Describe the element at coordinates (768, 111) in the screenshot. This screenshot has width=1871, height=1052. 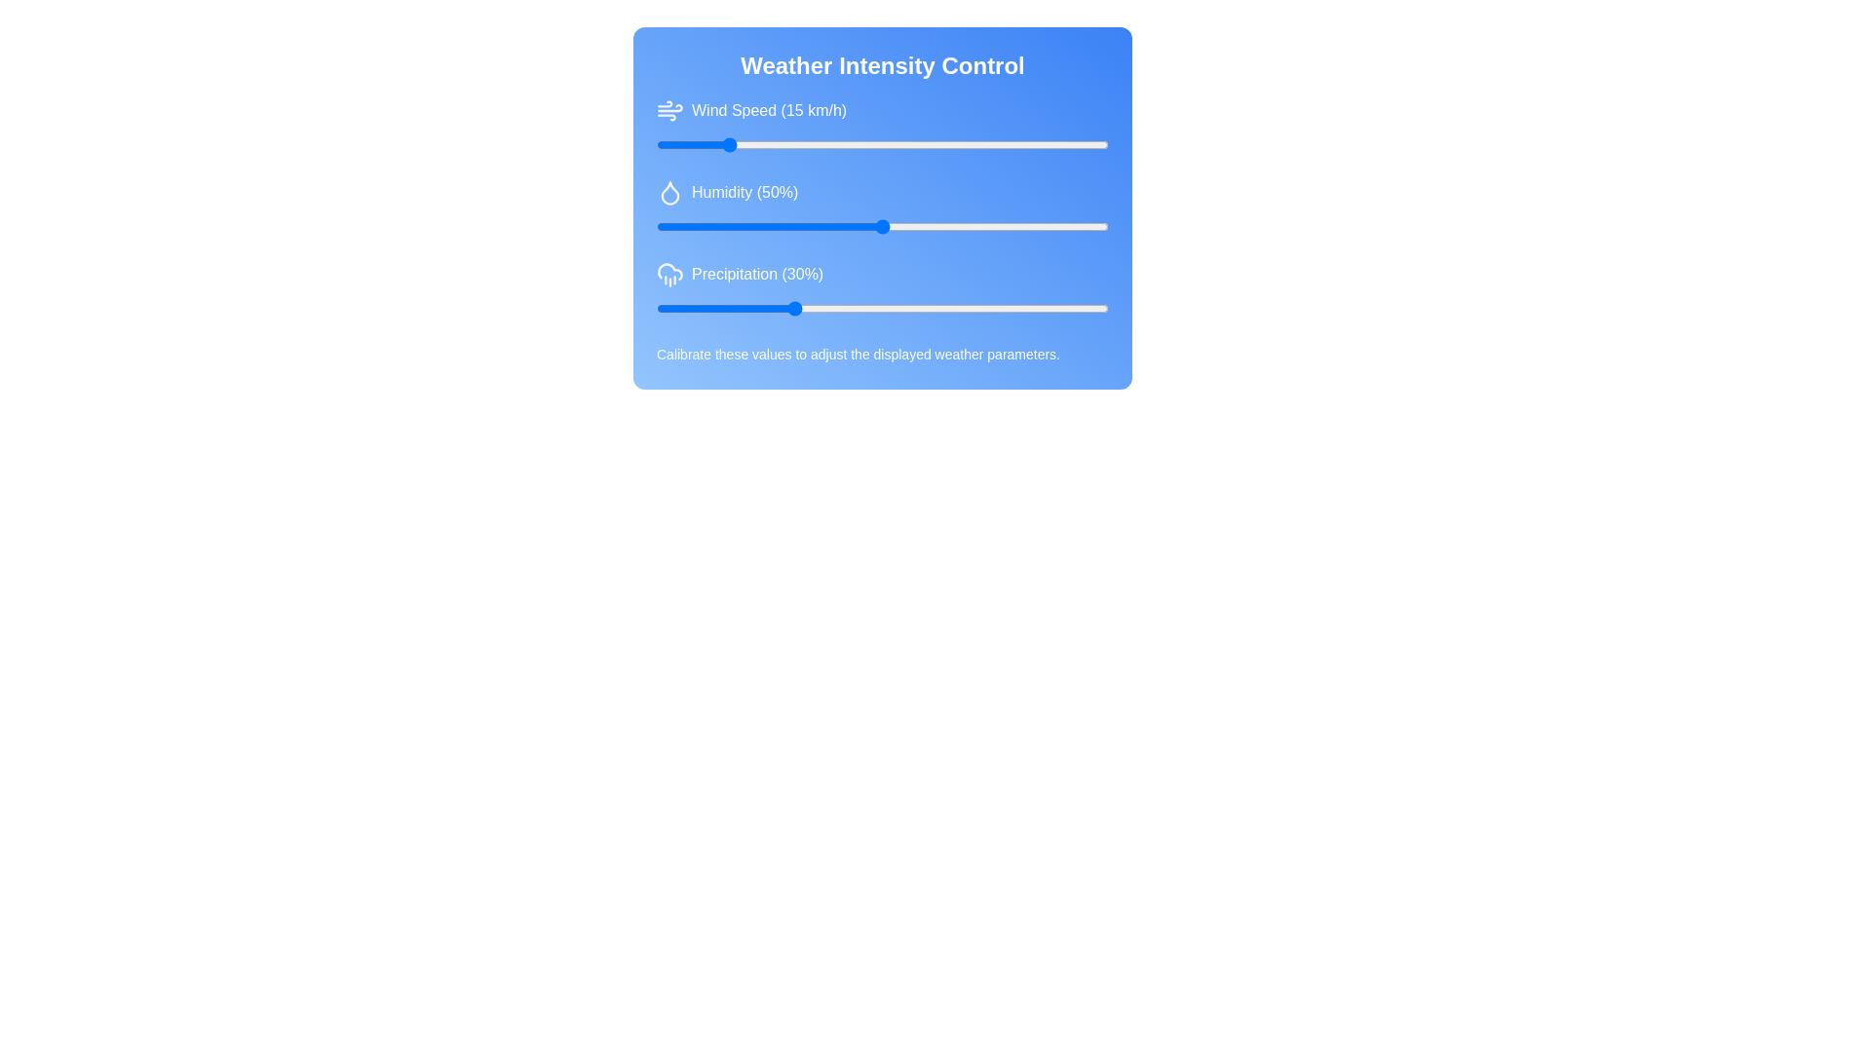
I see `the text label displaying 'Wind Speed (15 km/h)' in the weather control panel, which is positioned at the top and styled with a light color on a blue background` at that location.